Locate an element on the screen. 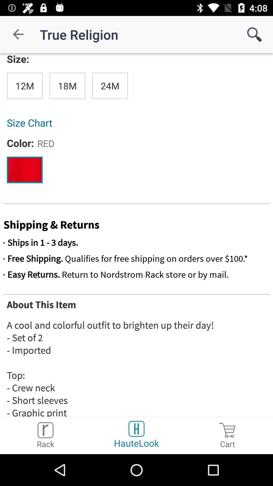 The height and width of the screenshot is (486, 273). the item above the size chart item is located at coordinates (67, 86).